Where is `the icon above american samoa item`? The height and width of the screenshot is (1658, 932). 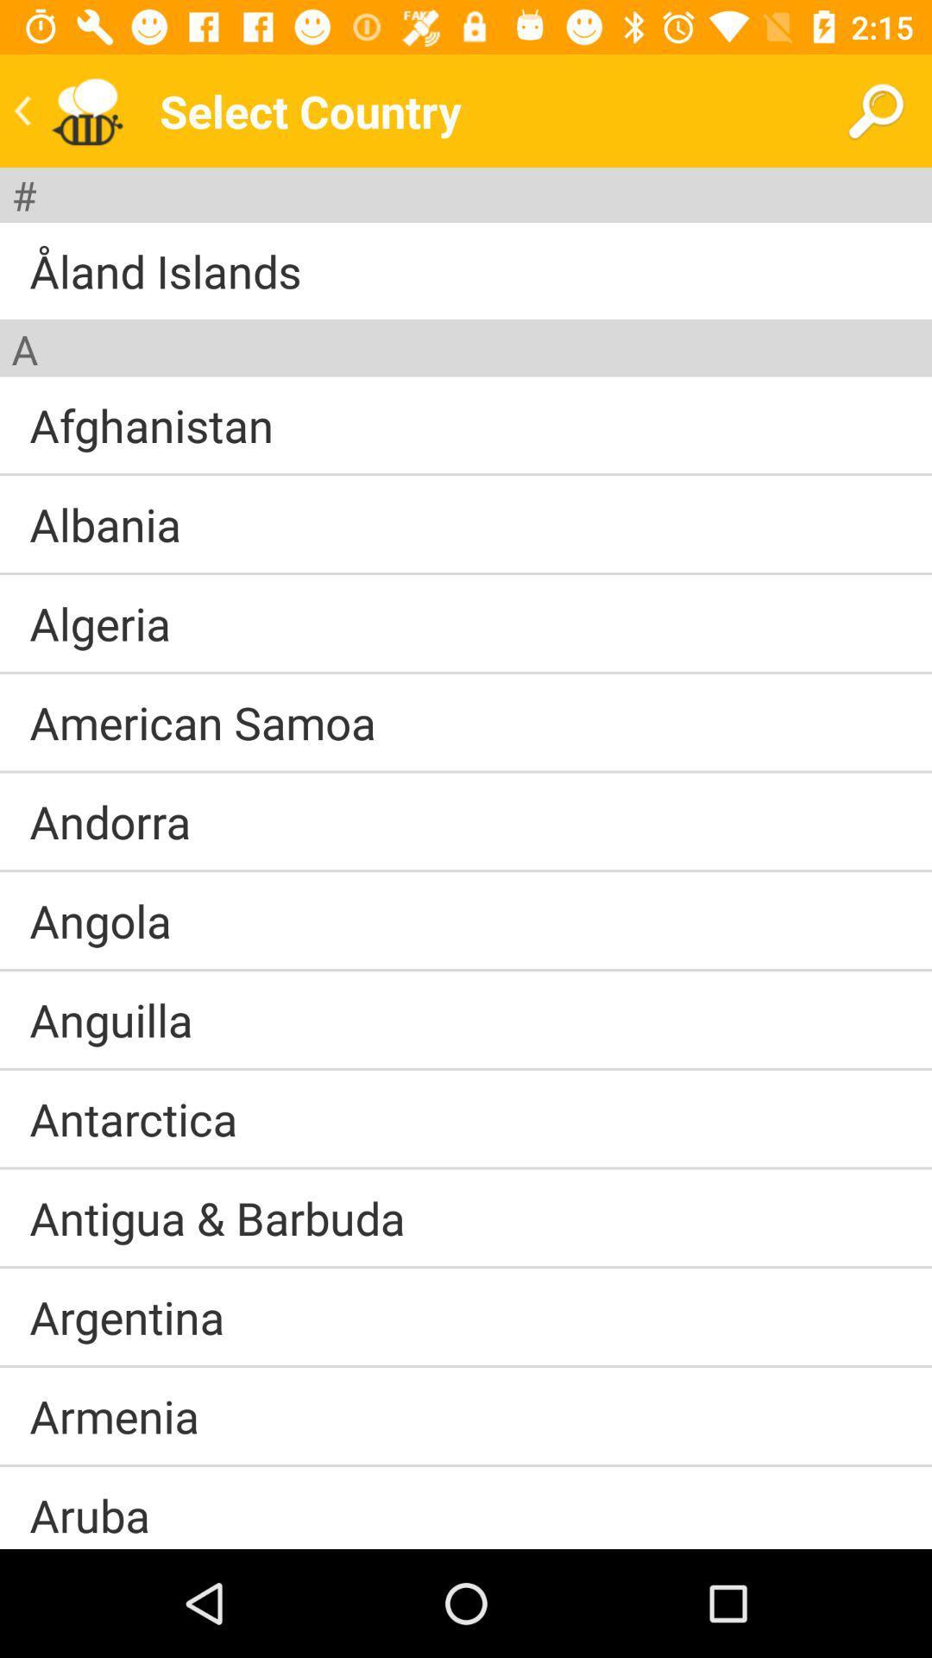
the icon above american samoa item is located at coordinates (466, 672).